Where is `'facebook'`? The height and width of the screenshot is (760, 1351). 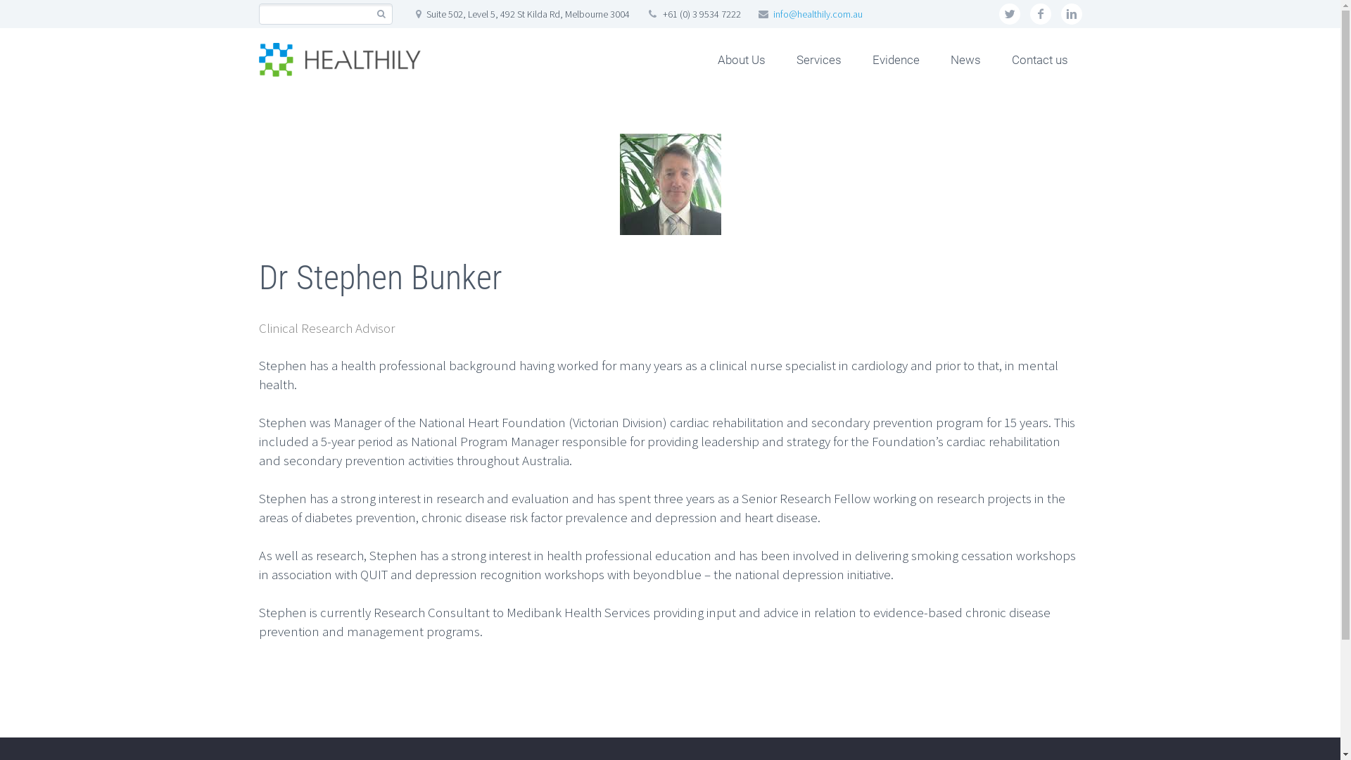 'facebook' is located at coordinates (1040, 13).